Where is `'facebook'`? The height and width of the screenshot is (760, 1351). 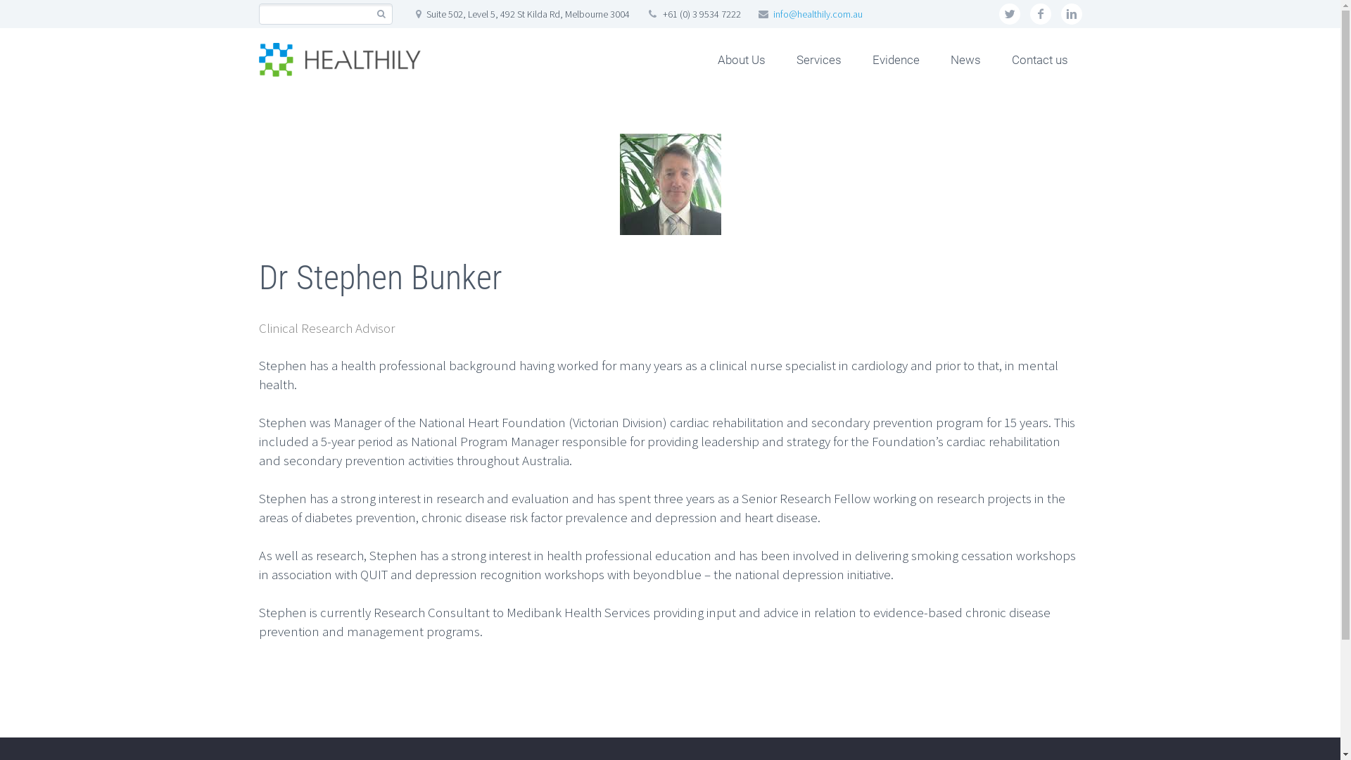 'facebook' is located at coordinates (1040, 13).